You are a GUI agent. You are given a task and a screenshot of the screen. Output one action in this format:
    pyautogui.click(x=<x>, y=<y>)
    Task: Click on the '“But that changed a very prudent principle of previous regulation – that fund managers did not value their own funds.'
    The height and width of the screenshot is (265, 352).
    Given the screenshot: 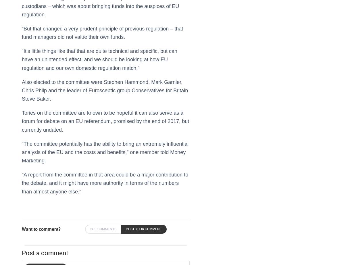 What is the action you would take?
    pyautogui.click(x=22, y=33)
    